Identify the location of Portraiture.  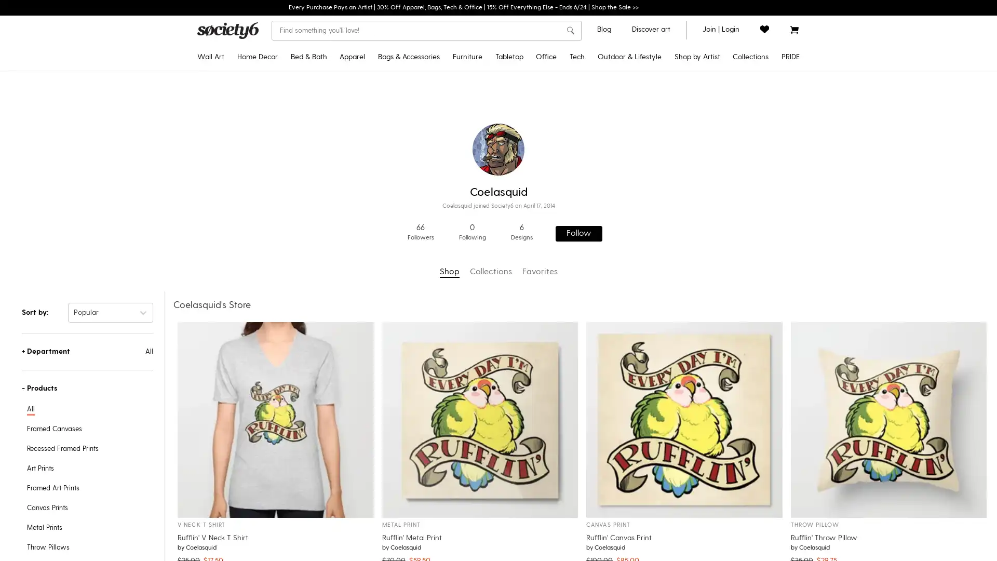
(712, 217).